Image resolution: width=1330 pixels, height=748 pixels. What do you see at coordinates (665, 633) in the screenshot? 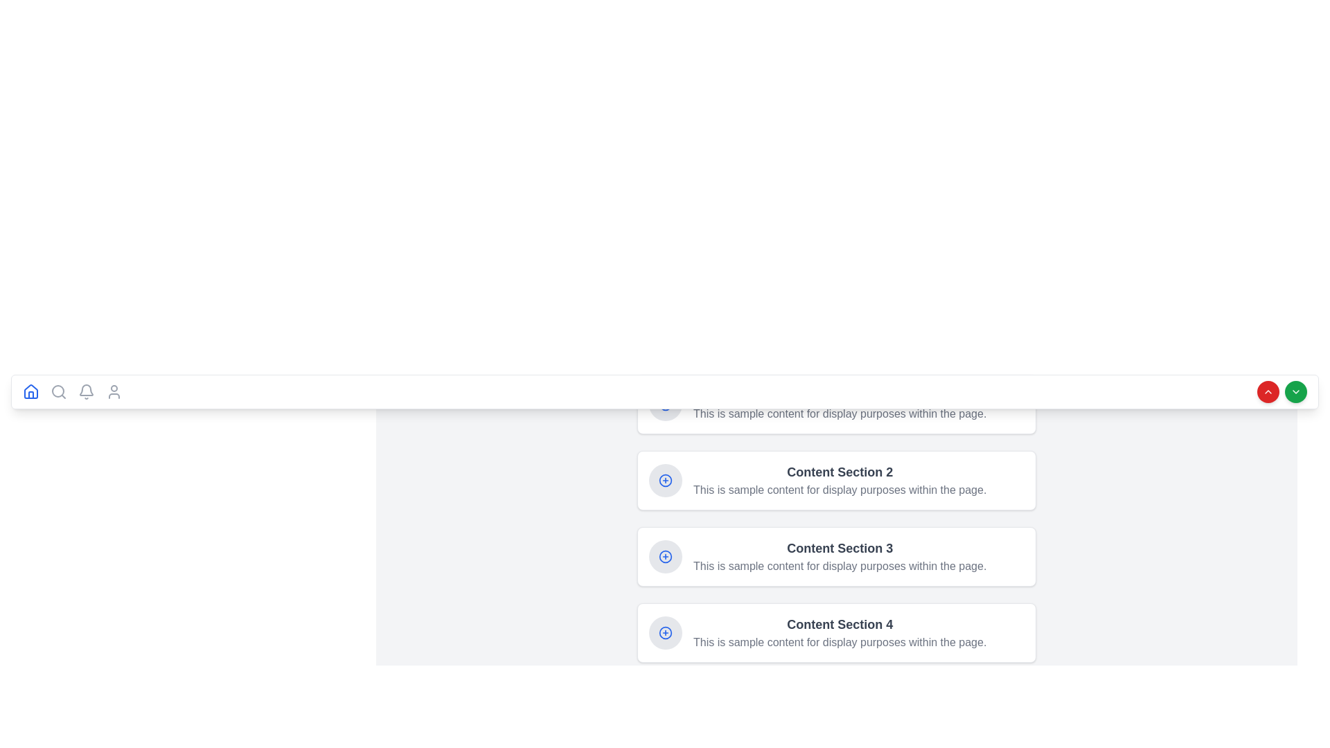
I see `the circular icon with a gray background and a blue plus sign, located to the left of 'Content Section 4'` at bounding box center [665, 633].